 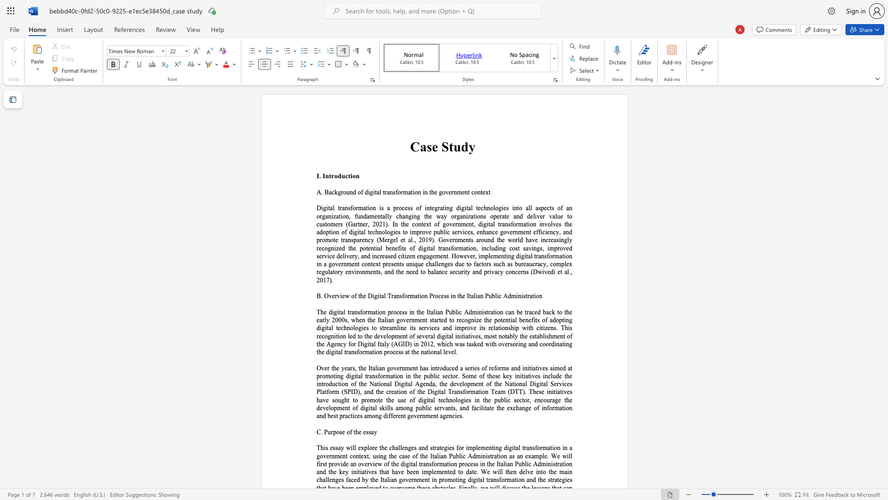 What do you see at coordinates (481, 407) in the screenshot?
I see `the subset text "litat" within the text "facilitate"` at bounding box center [481, 407].